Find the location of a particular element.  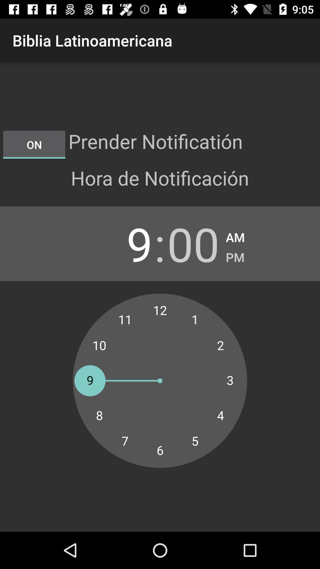

the item to the right of the 00 is located at coordinates (235, 235).